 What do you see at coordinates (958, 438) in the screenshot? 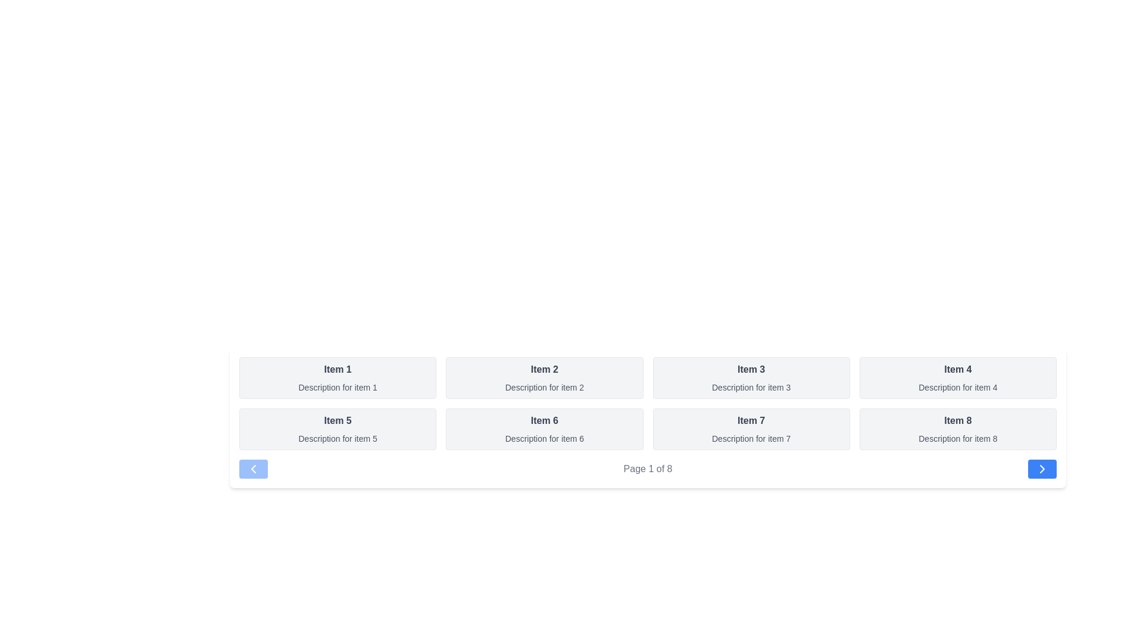
I see `the Text Label displaying 'Description for item 8' located in the bottom-right corner of the interface, within the panel labeled 'Item 8'` at bounding box center [958, 438].